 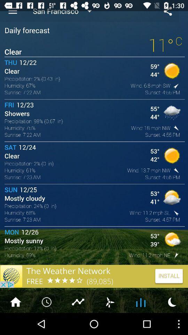 I want to click on the home icon, so click(x=15, y=323).